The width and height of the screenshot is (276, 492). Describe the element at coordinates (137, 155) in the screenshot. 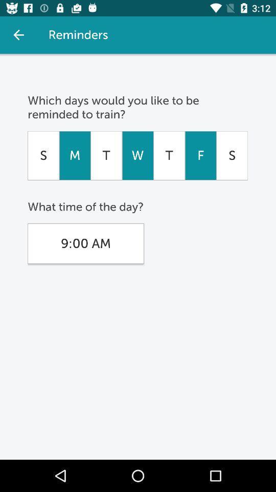

I see `w icon` at that location.